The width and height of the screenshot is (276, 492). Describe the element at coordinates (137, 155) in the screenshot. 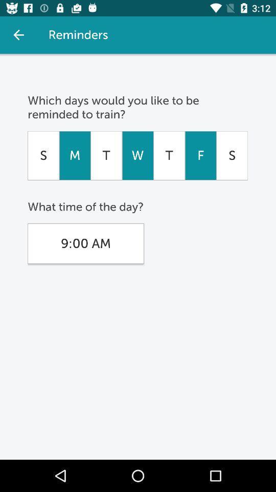

I see `w icon` at that location.